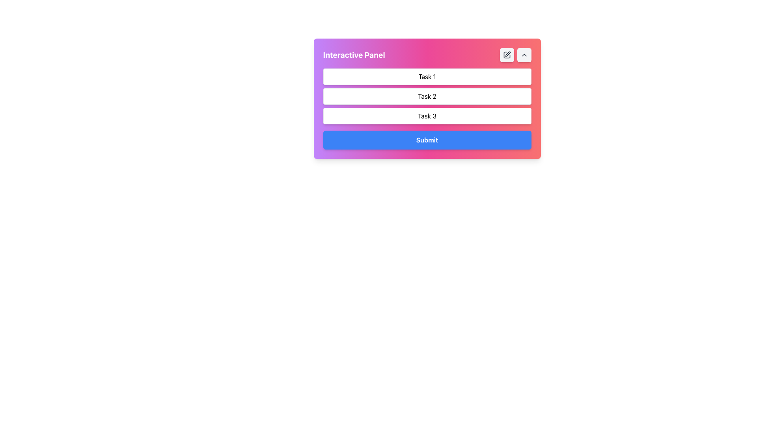 The image size is (757, 425). I want to click on the left icon of the Group of Icon Buttons located in the top-right corner of the Interactive Panel, so click(515, 54).